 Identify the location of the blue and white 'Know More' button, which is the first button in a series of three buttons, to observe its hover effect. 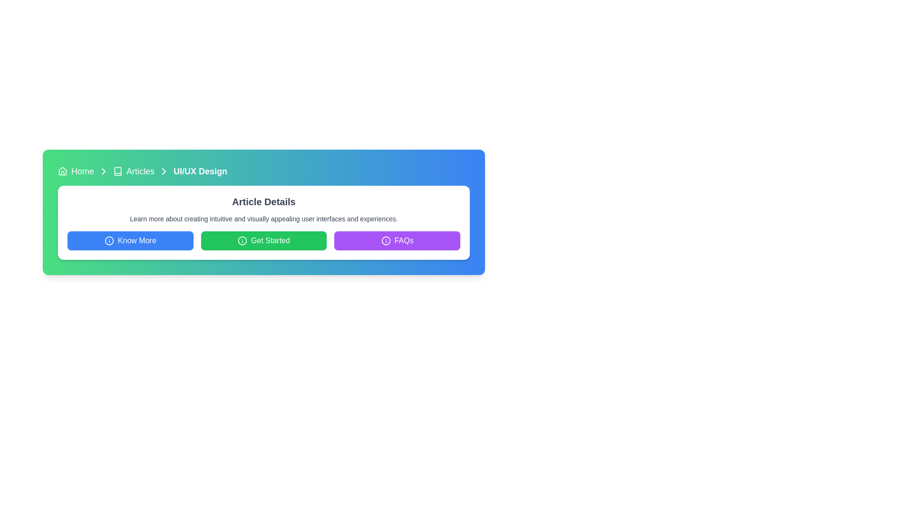
(130, 240).